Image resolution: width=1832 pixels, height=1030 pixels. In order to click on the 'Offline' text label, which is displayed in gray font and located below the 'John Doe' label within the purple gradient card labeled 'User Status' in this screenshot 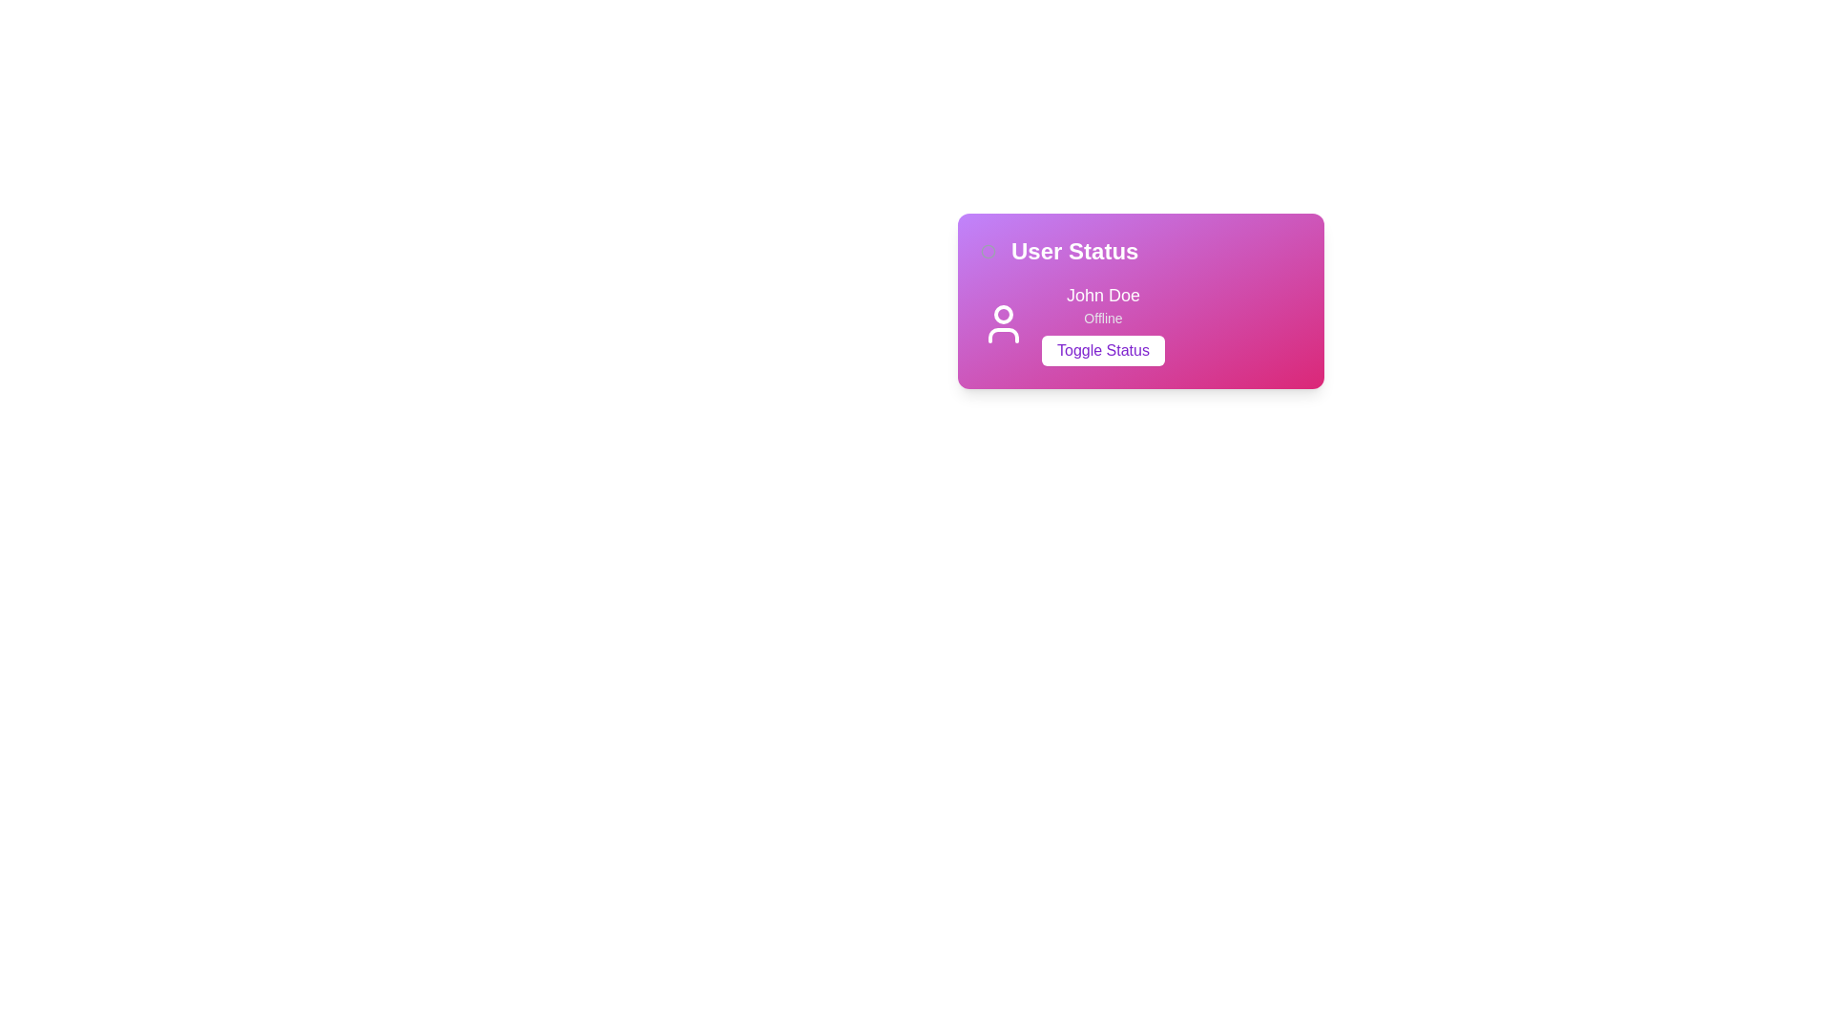, I will do `click(1103, 318)`.